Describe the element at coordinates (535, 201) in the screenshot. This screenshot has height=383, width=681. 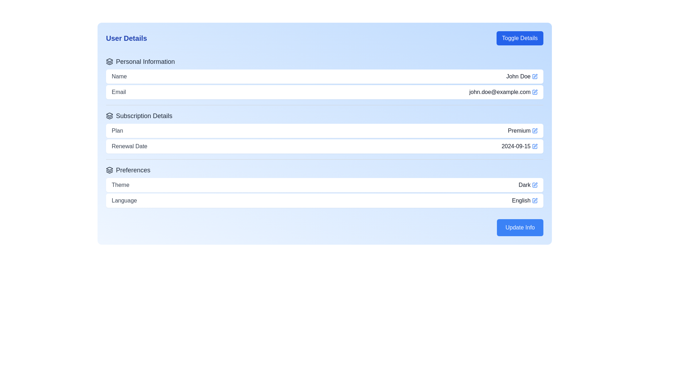
I see `the icon button located to the right of the 'English' text in the 'Language' field under the 'Preferences' section` at that location.